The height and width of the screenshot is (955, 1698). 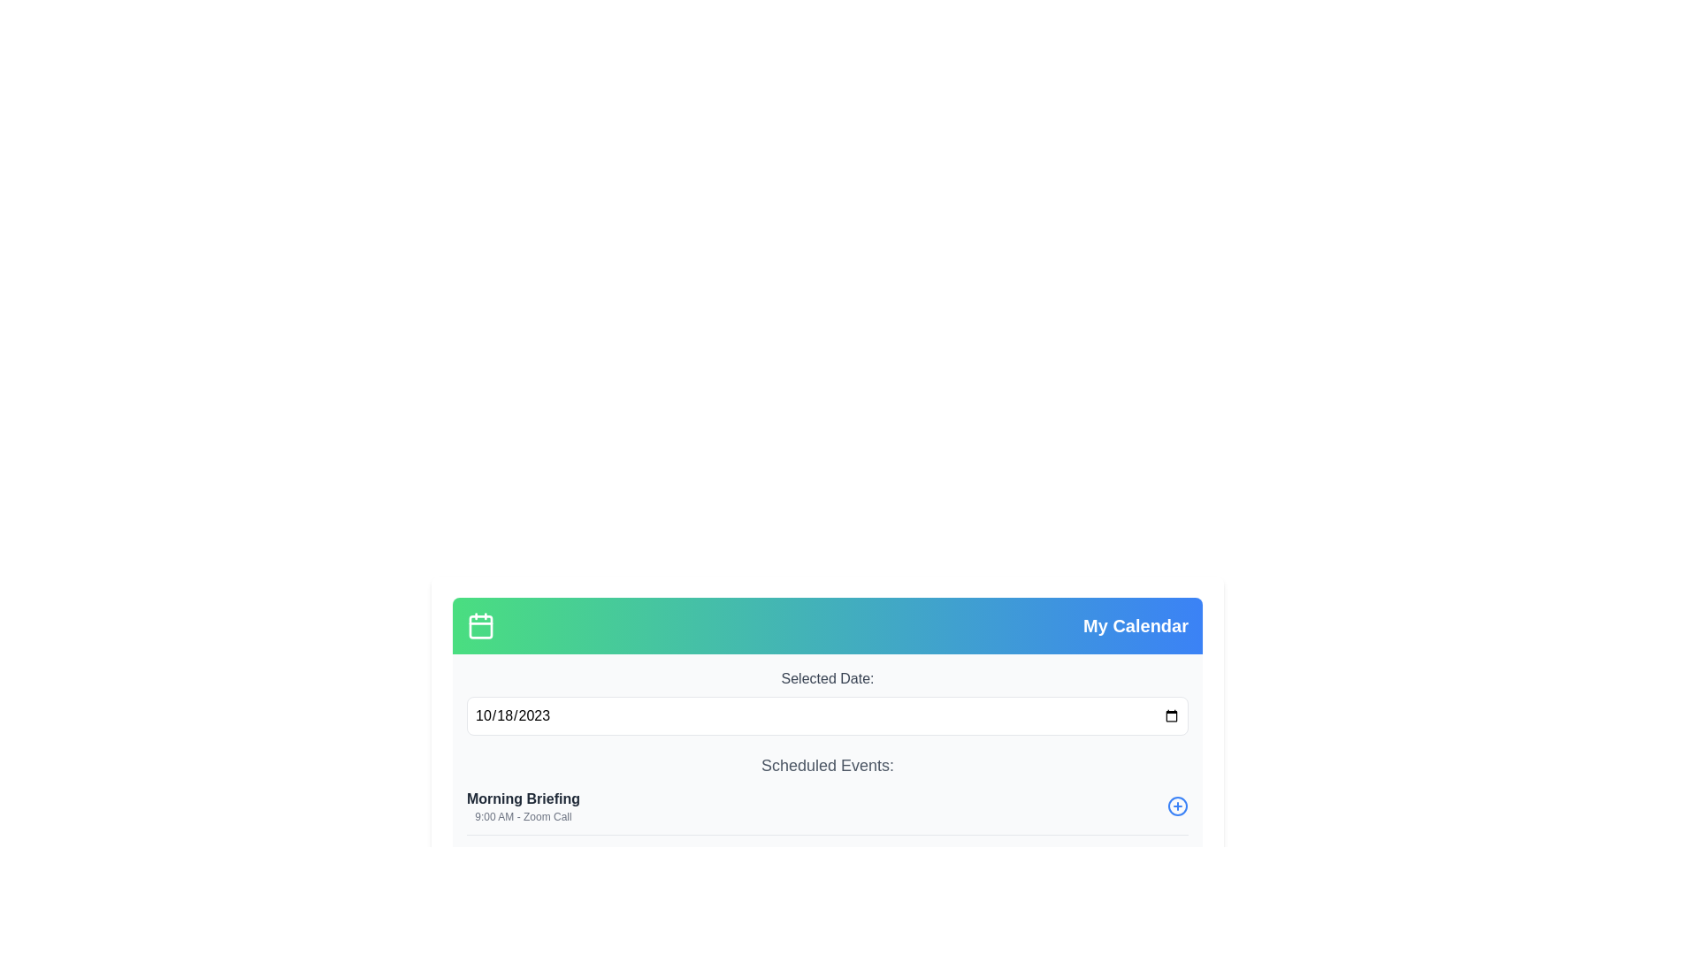 I want to click on time and event information displayed in the text label '9:00 AM - Zoom Call' located below the title 'Morning Briefing' in the 'Scheduled Events' section, so click(x=522, y=817).